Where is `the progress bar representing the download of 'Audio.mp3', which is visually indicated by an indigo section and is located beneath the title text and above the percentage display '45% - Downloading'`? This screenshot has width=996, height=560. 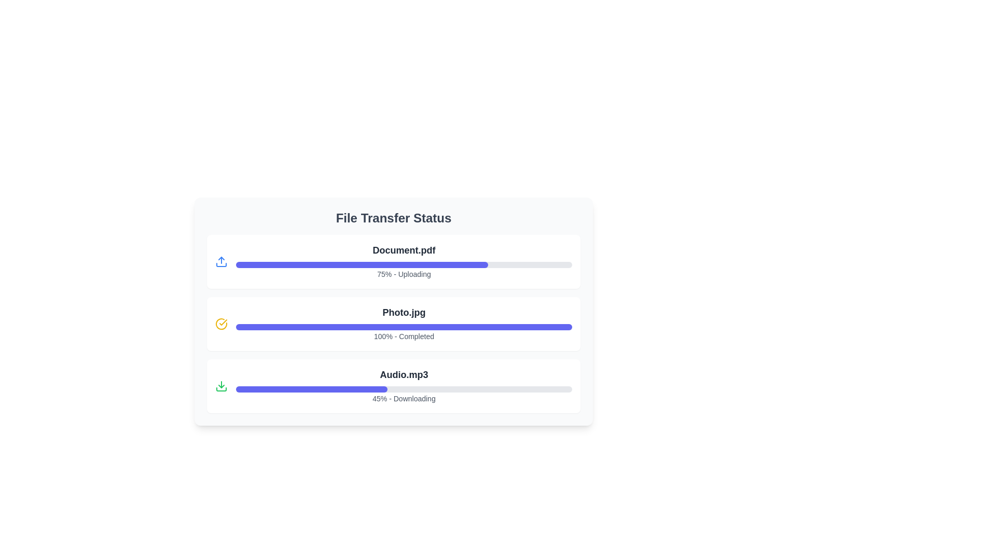
the progress bar representing the download of 'Audio.mp3', which is visually indicated by an indigo section and is located beneath the title text and above the percentage display '45% - Downloading' is located at coordinates (403, 389).